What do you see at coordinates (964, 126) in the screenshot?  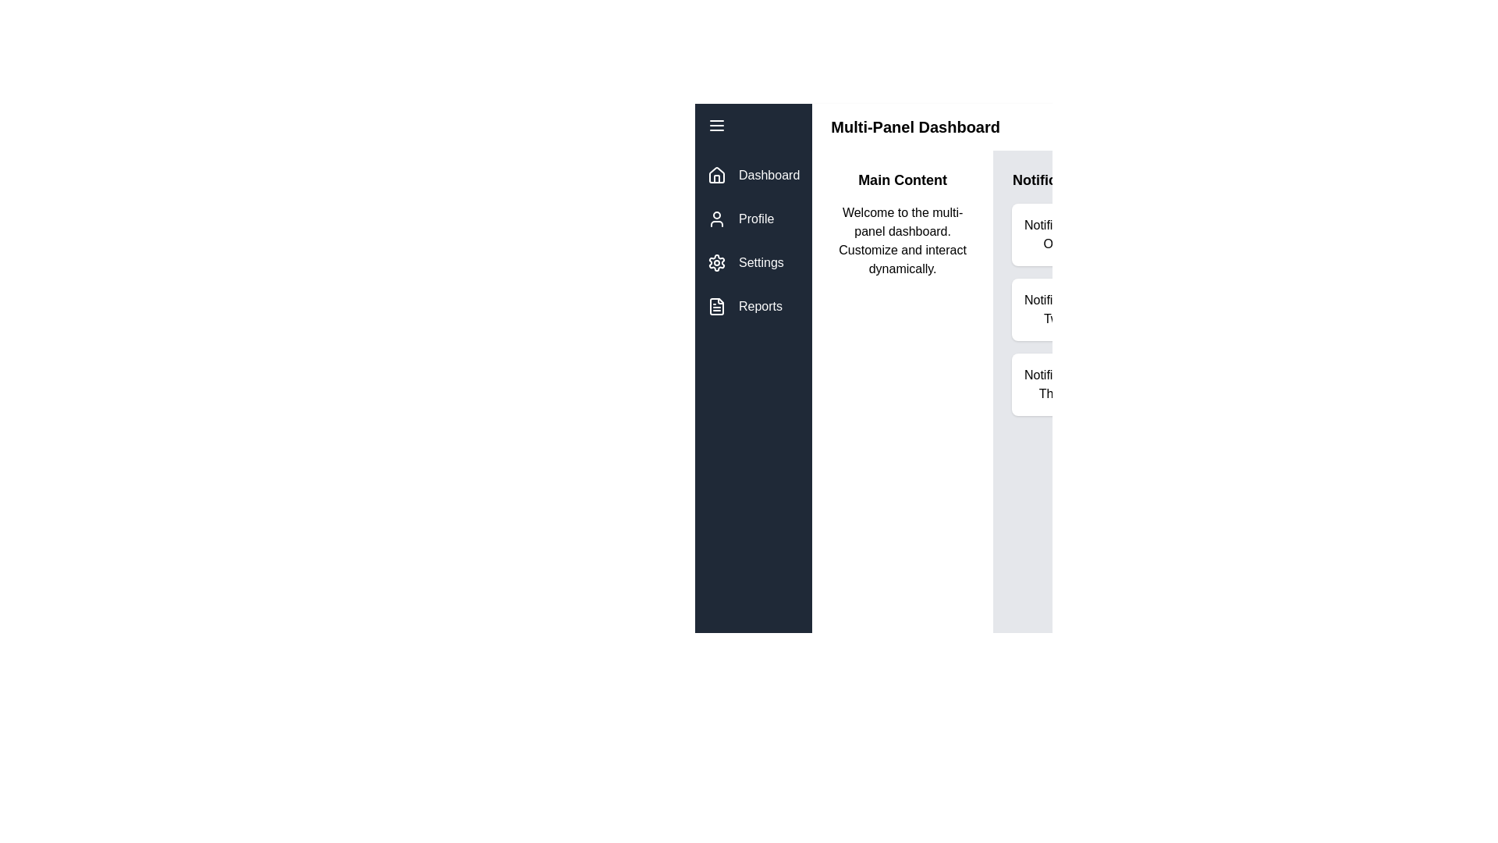 I see `the header element that has a white background and contains the bold text 'Multi-Panel Dashboard', positioned at the top of the main content section` at bounding box center [964, 126].